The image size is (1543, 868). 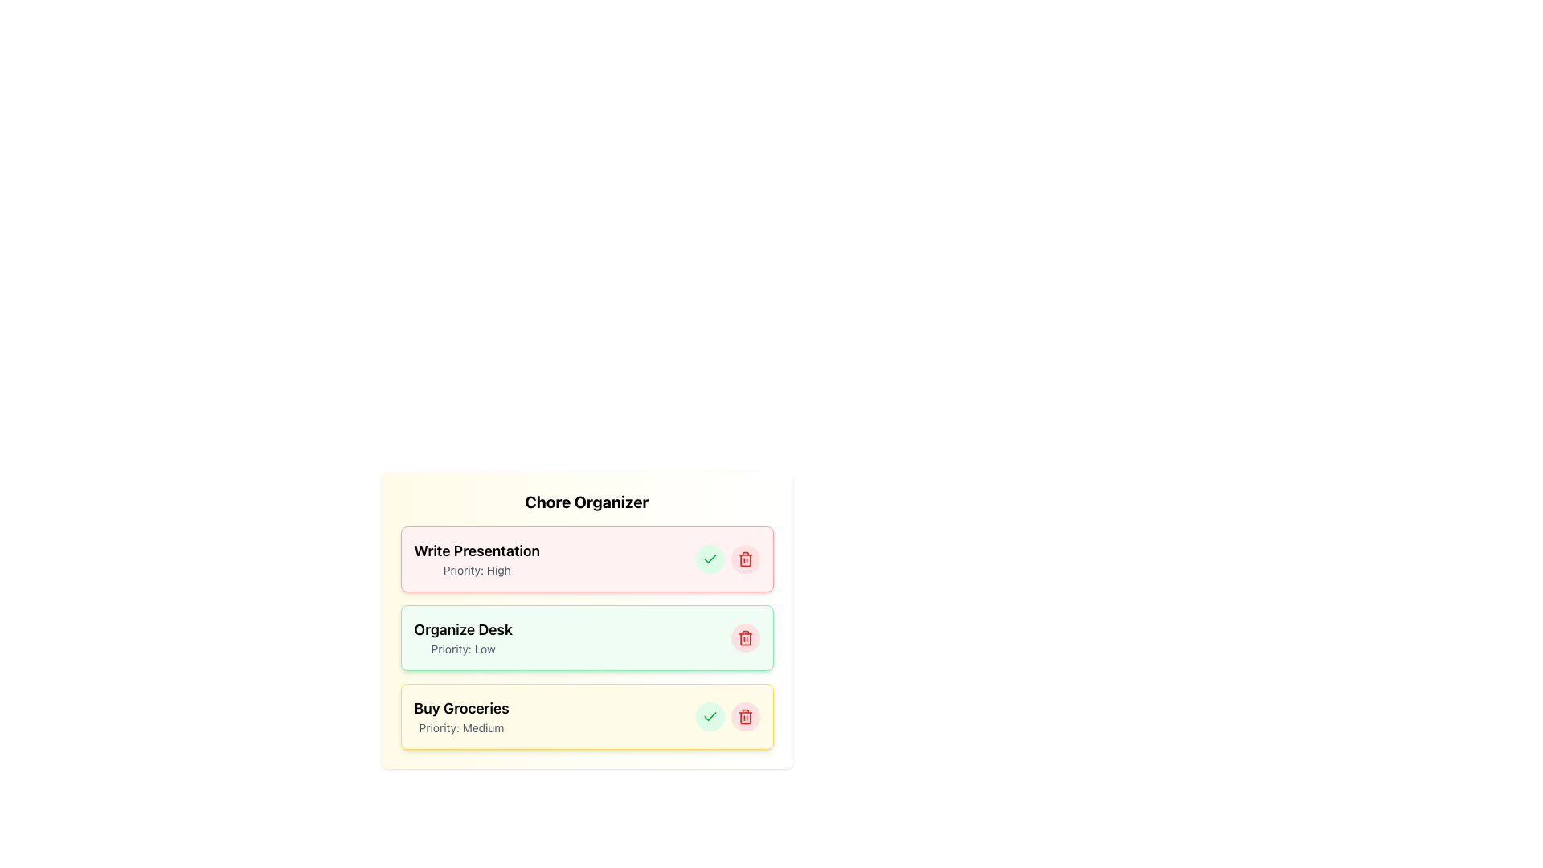 I want to click on the bold, extra-large title text label 'Chore Organizer' located at the top of the card structure with a gradient background, so click(x=586, y=501).